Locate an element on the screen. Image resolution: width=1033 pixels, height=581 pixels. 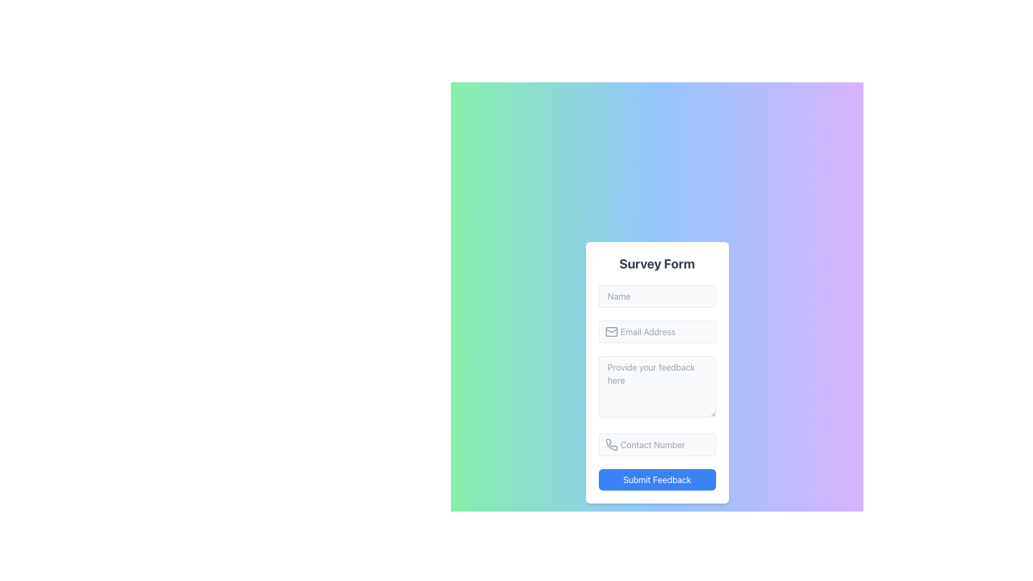
the gray envelope icon with rounded edges, which is positioned to the left of the 'Email Address' input field is located at coordinates (611, 331).